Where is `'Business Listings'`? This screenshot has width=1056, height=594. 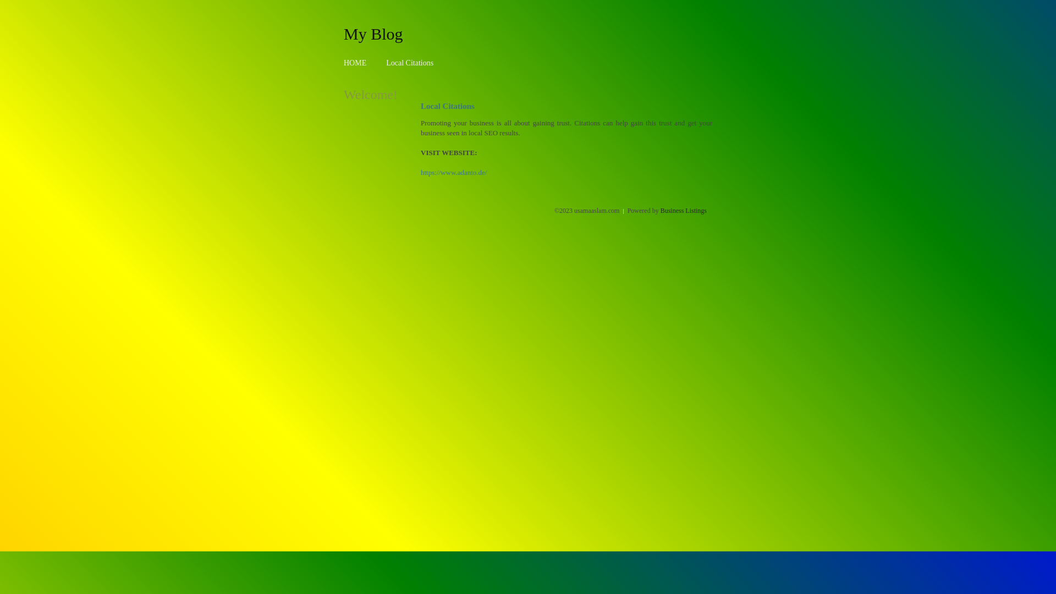 'Business Listings' is located at coordinates (683, 210).